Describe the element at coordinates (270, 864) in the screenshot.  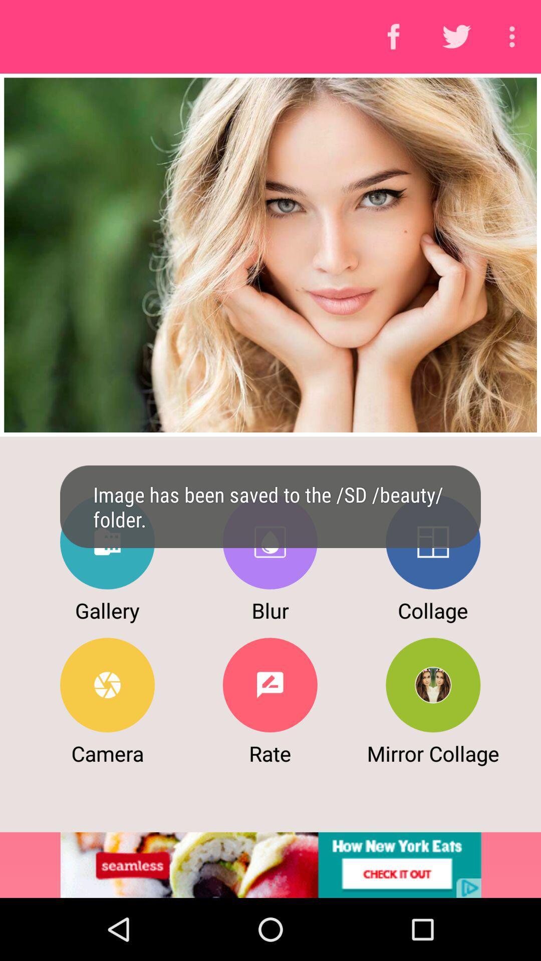
I see `to view add` at that location.